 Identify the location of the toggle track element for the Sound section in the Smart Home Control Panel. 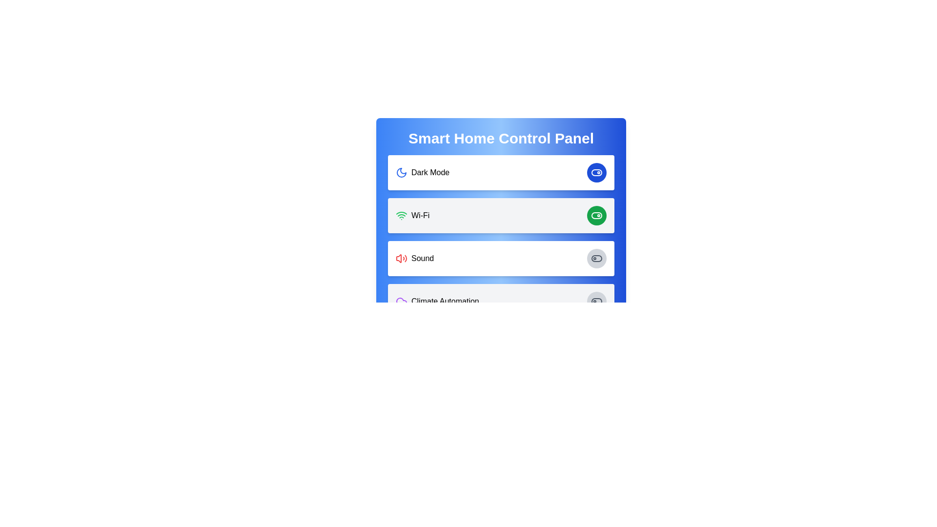
(596, 301).